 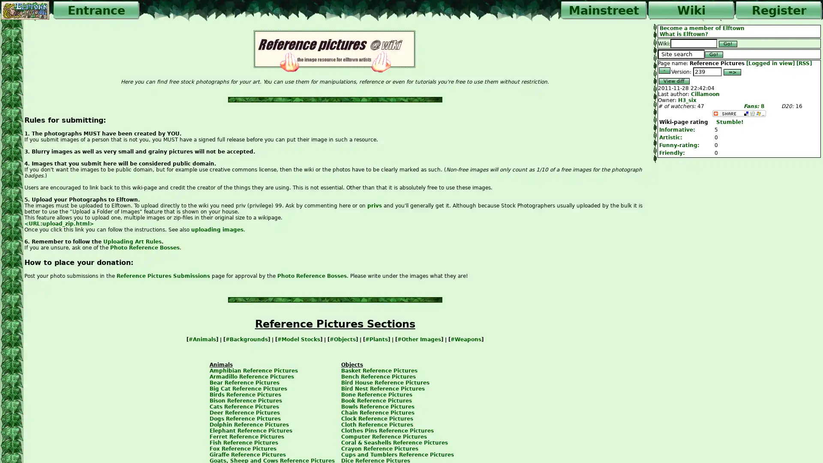 I want to click on =>, so click(x=732, y=72).